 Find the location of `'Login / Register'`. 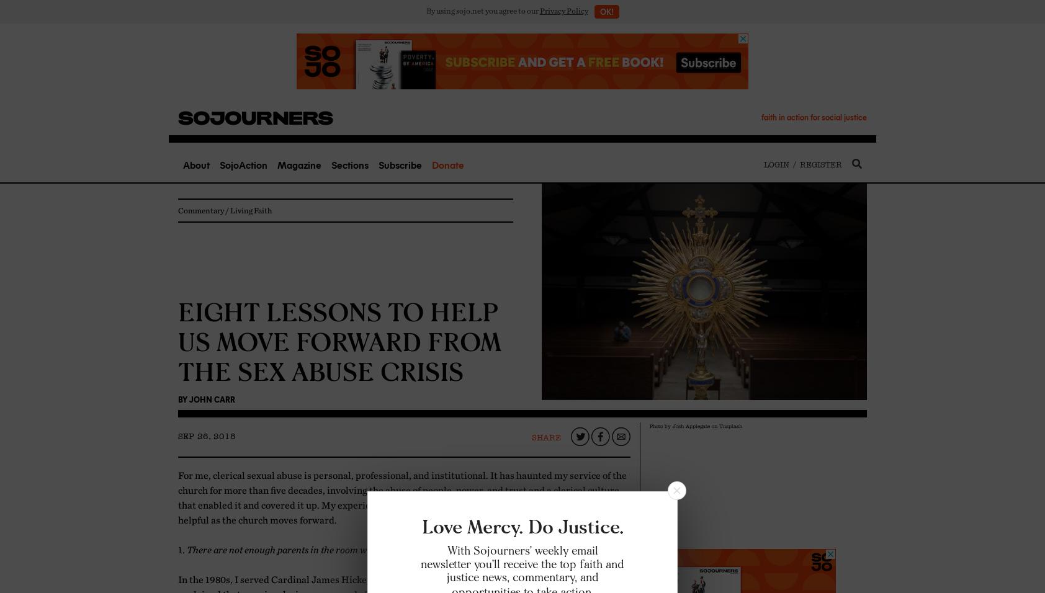

'Login / Register' is located at coordinates (802, 164).